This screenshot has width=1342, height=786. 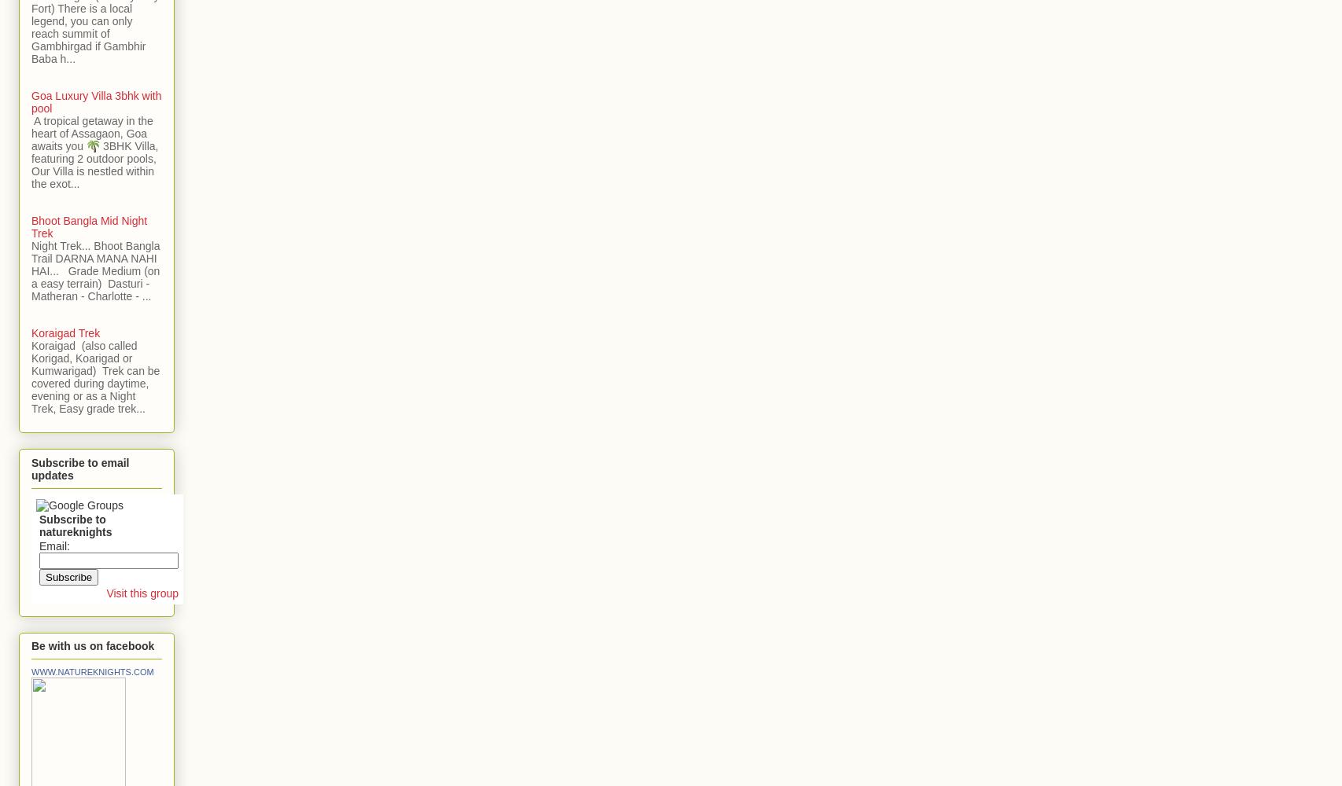 What do you see at coordinates (31, 376) in the screenshot?
I see `'Koraigad  (also called Korigad, Koarigad or Kumwarigad)    Trek can be covered during daytime, evening or as a Night Trek, Easy grade trek...'` at bounding box center [31, 376].